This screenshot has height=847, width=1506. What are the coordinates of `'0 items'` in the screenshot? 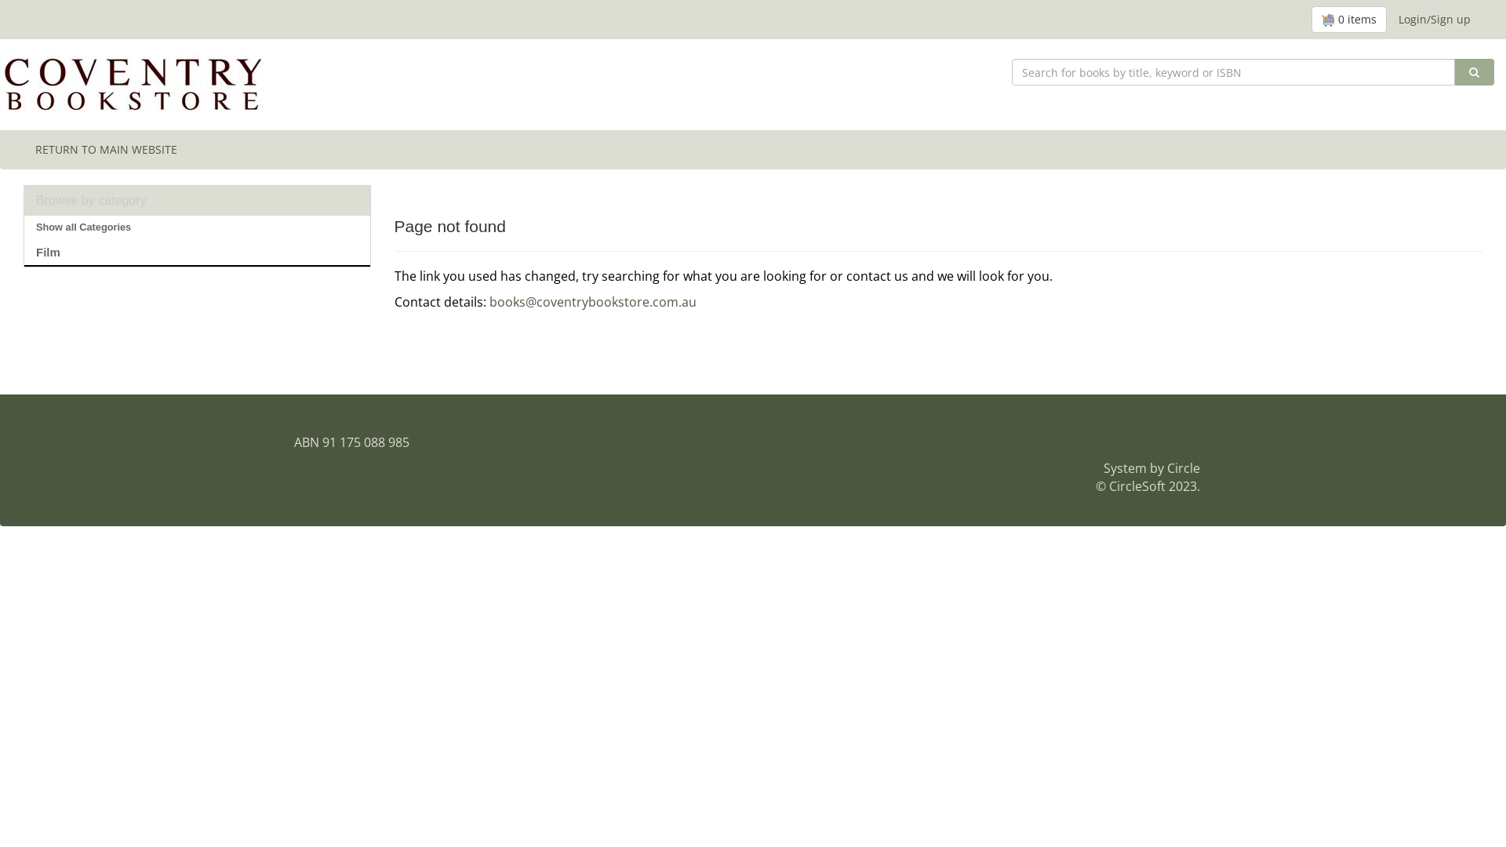 It's located at (1348, 19).